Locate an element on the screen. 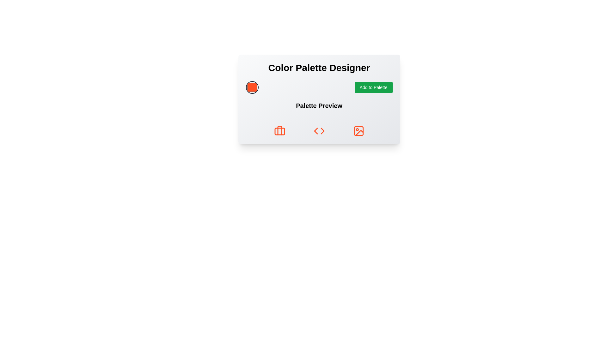  the orange outline briefcase icon located below the 'Palette Preview' label is located at coordinates (279, 131).